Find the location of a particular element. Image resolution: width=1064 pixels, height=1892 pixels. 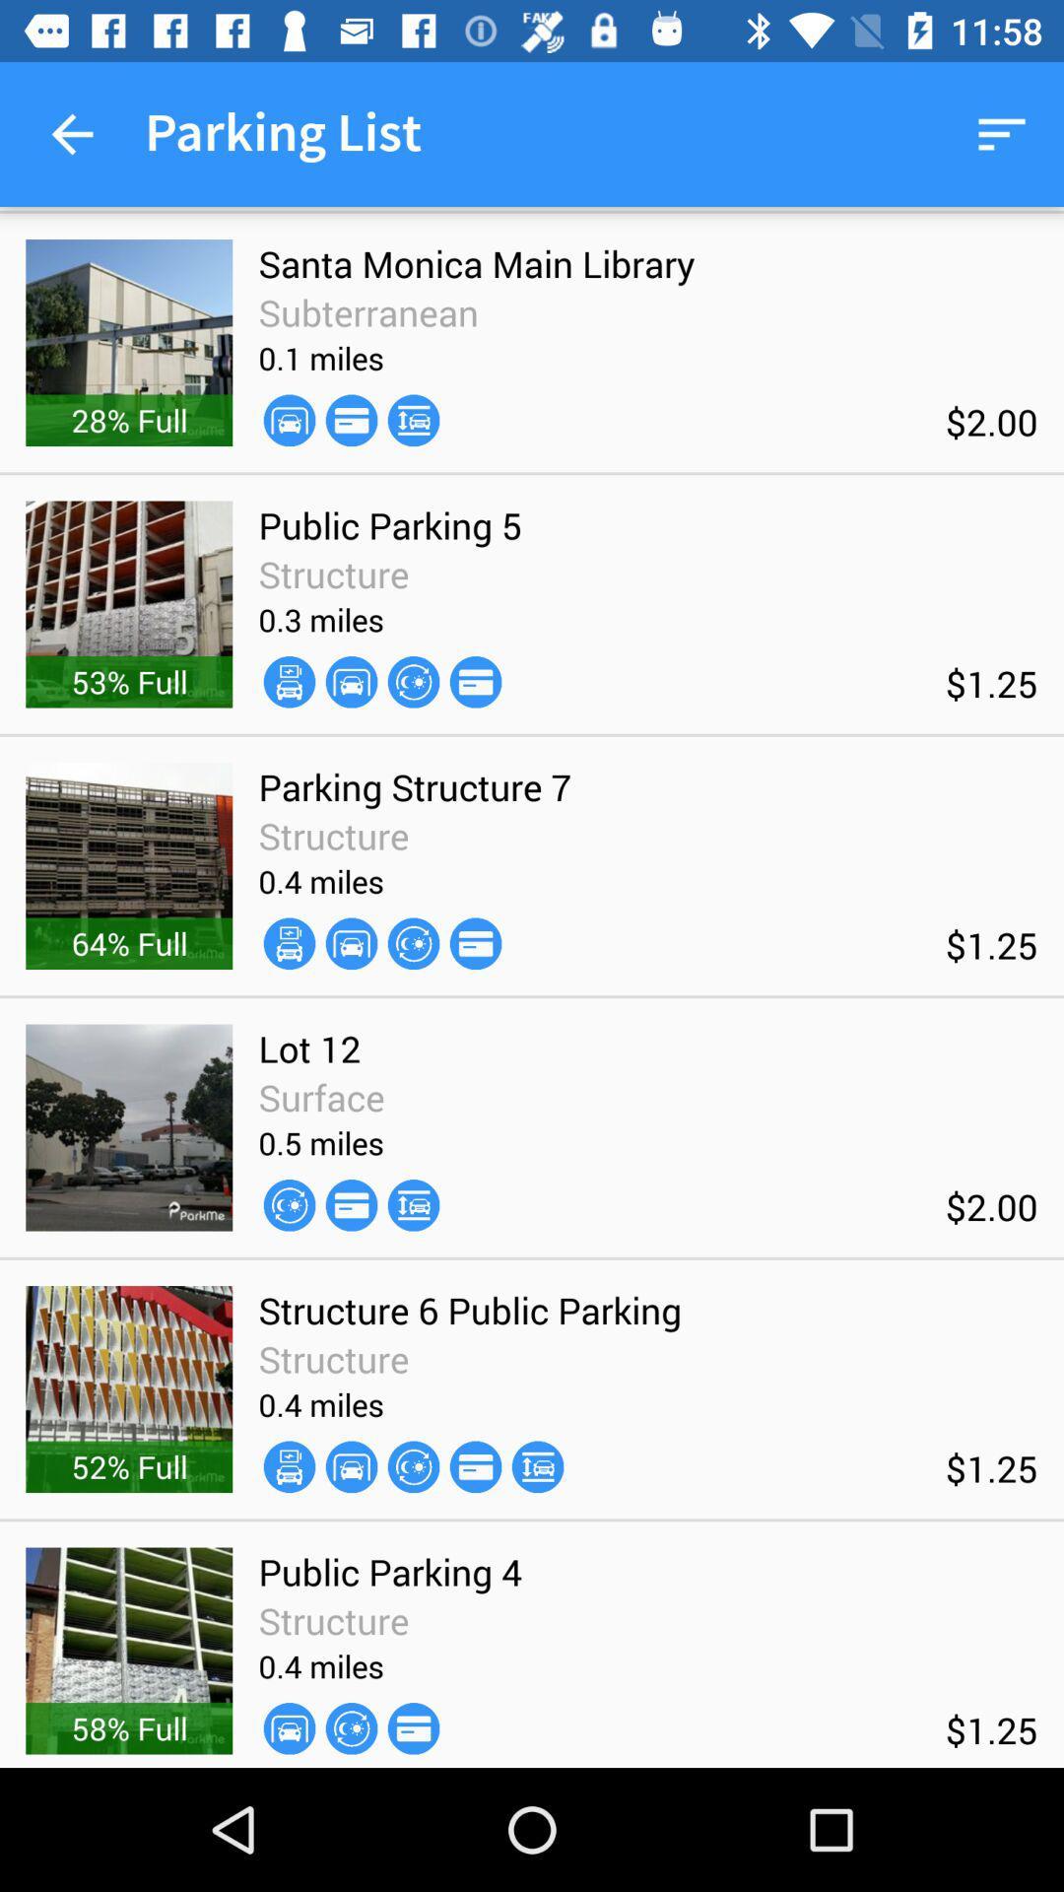

the icon above 0.1 miles item is located at coordinates (368, 311).